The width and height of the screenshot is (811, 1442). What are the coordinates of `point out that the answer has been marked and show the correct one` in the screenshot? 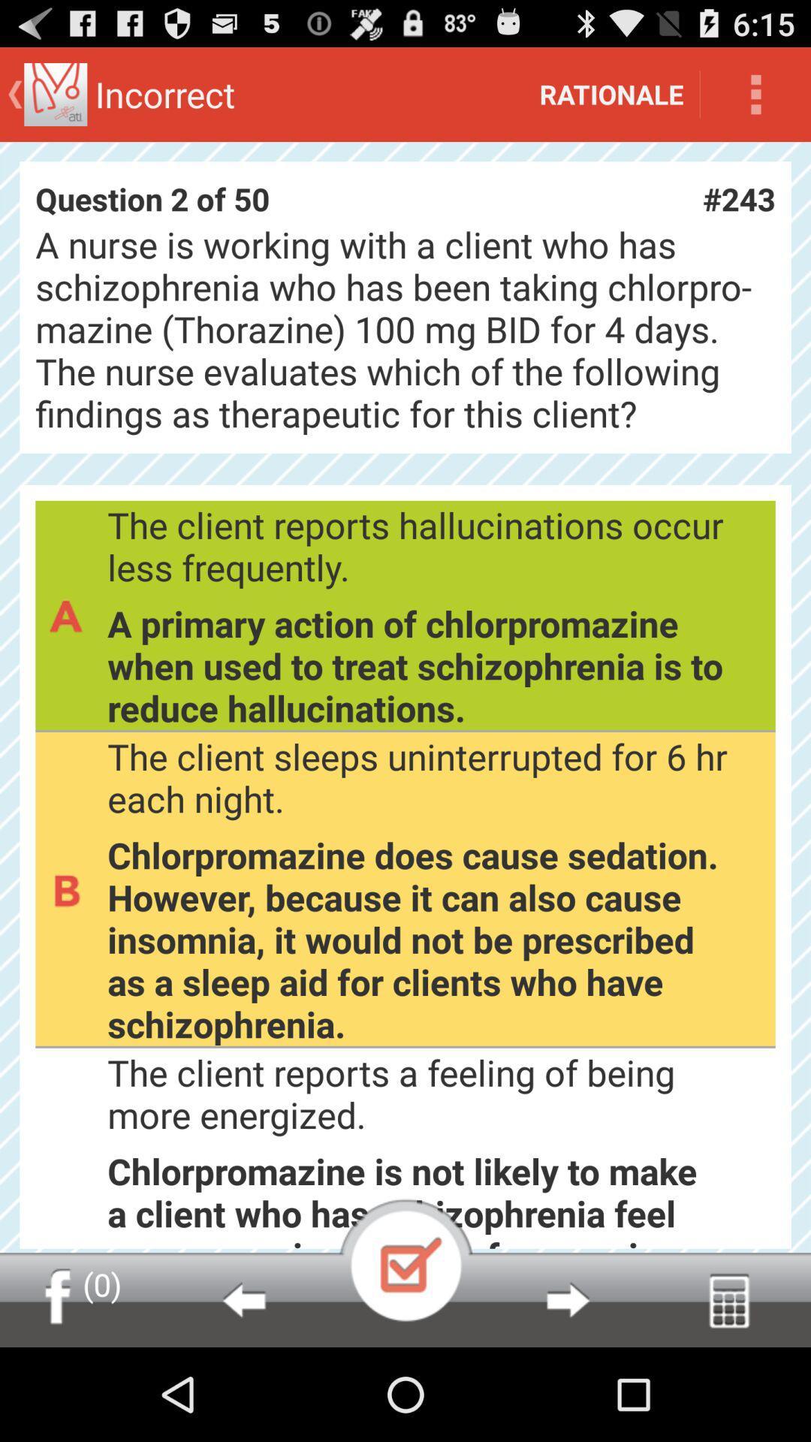 It's located at (405, 1259).